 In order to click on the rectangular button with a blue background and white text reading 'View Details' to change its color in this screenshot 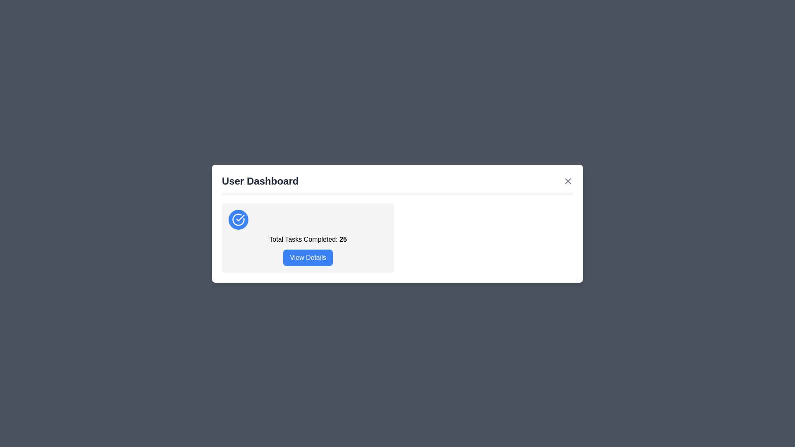, I will do `click(308, 257)`.